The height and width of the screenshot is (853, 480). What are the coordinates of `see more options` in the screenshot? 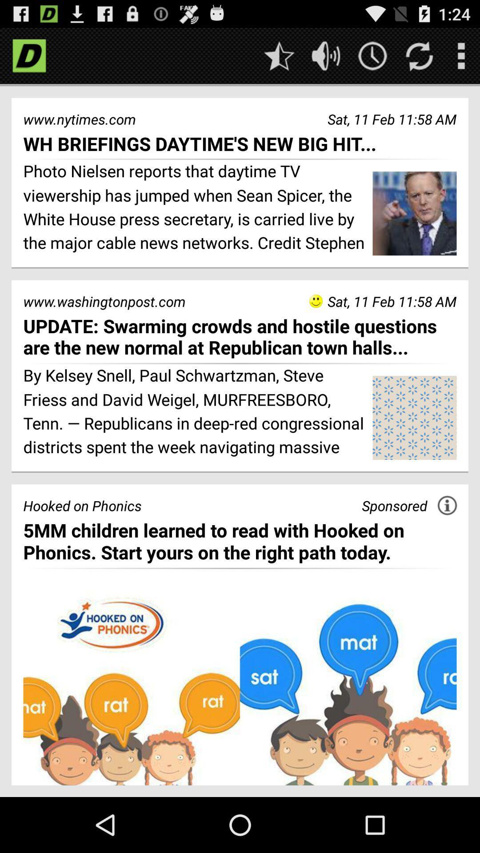 It's located at (460, 55).